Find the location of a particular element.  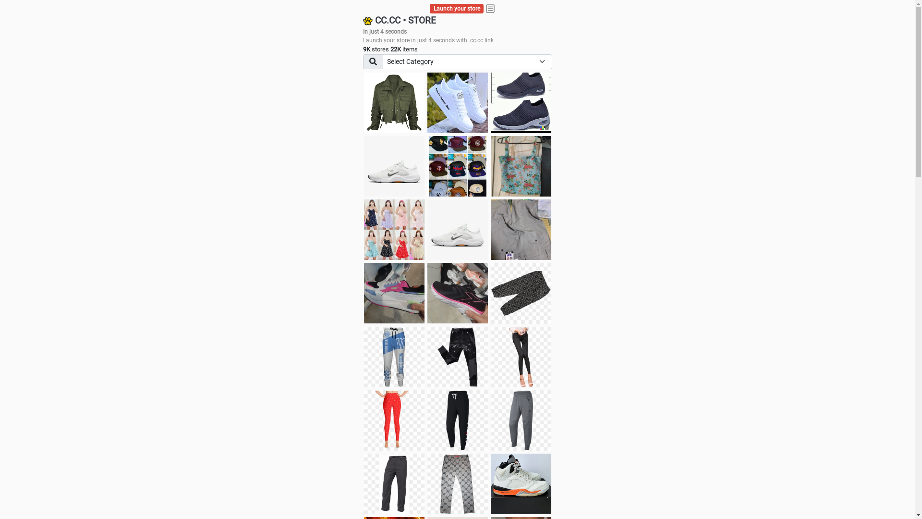

'white shoes' is located at coordinates (457, 102).